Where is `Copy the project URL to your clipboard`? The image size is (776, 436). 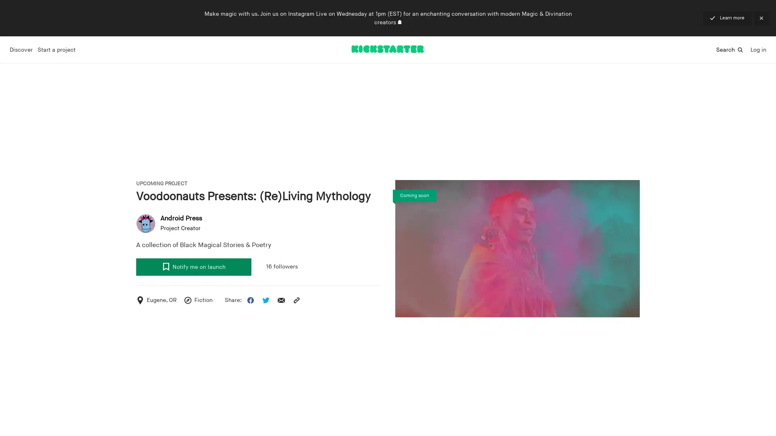
Copy the project URL to your clipboard is located at coordinates (296, 300).